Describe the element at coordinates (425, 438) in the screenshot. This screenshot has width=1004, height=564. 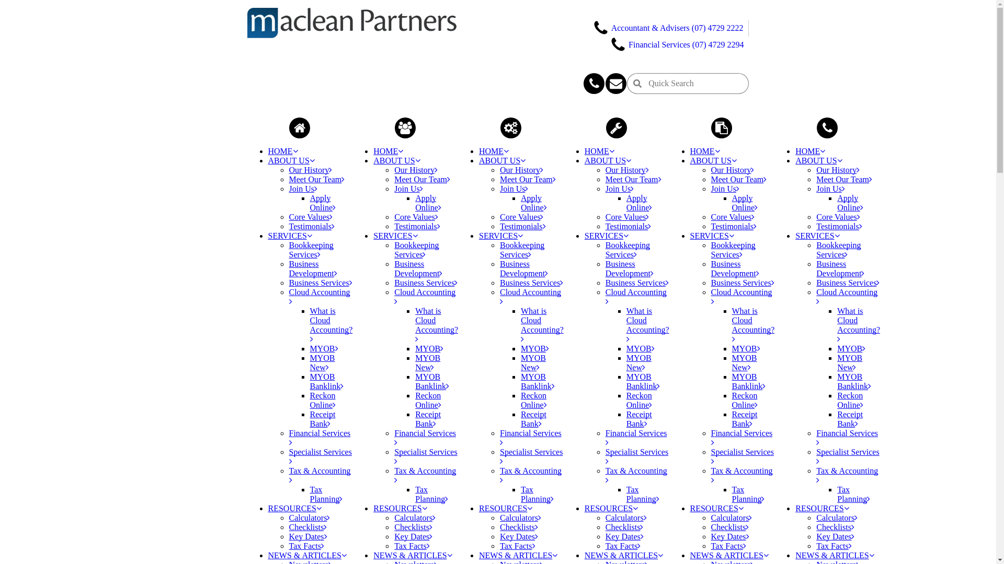
I see `'Financial Services'` at that location.